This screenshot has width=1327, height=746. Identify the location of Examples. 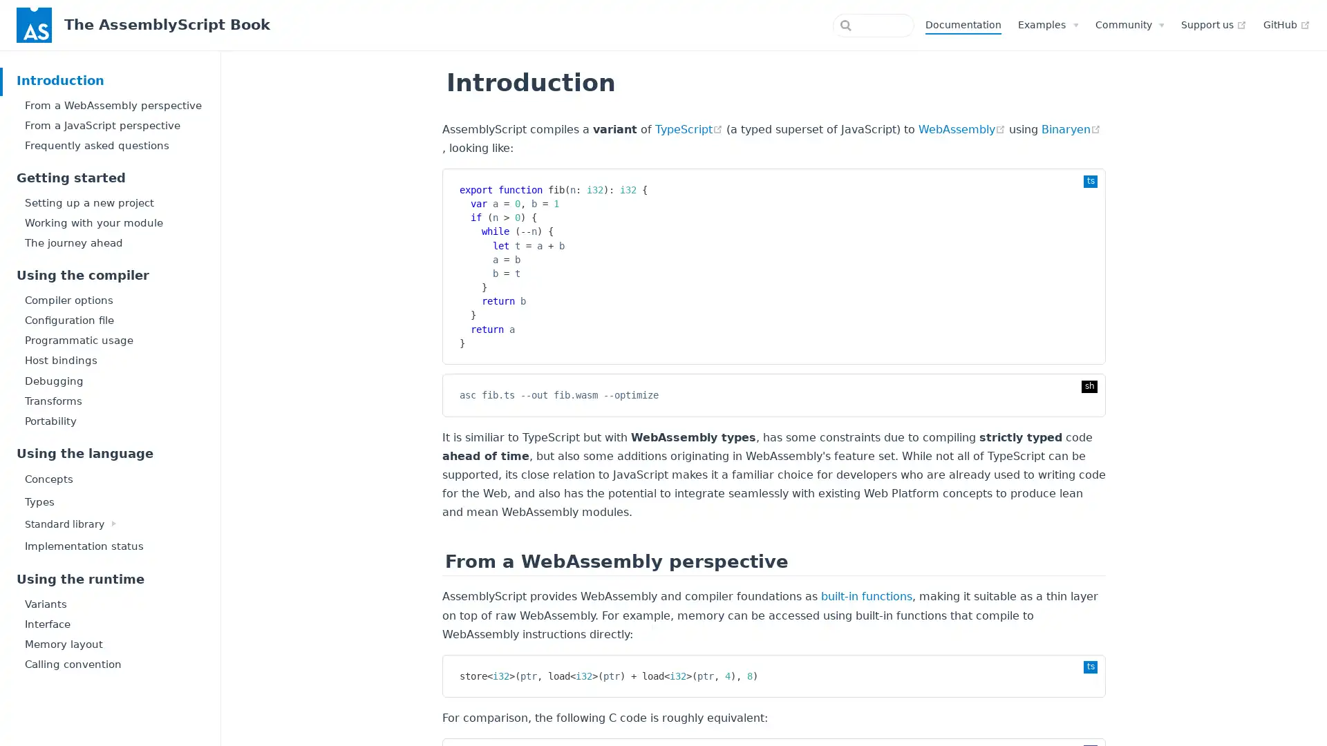
(1048, 24).